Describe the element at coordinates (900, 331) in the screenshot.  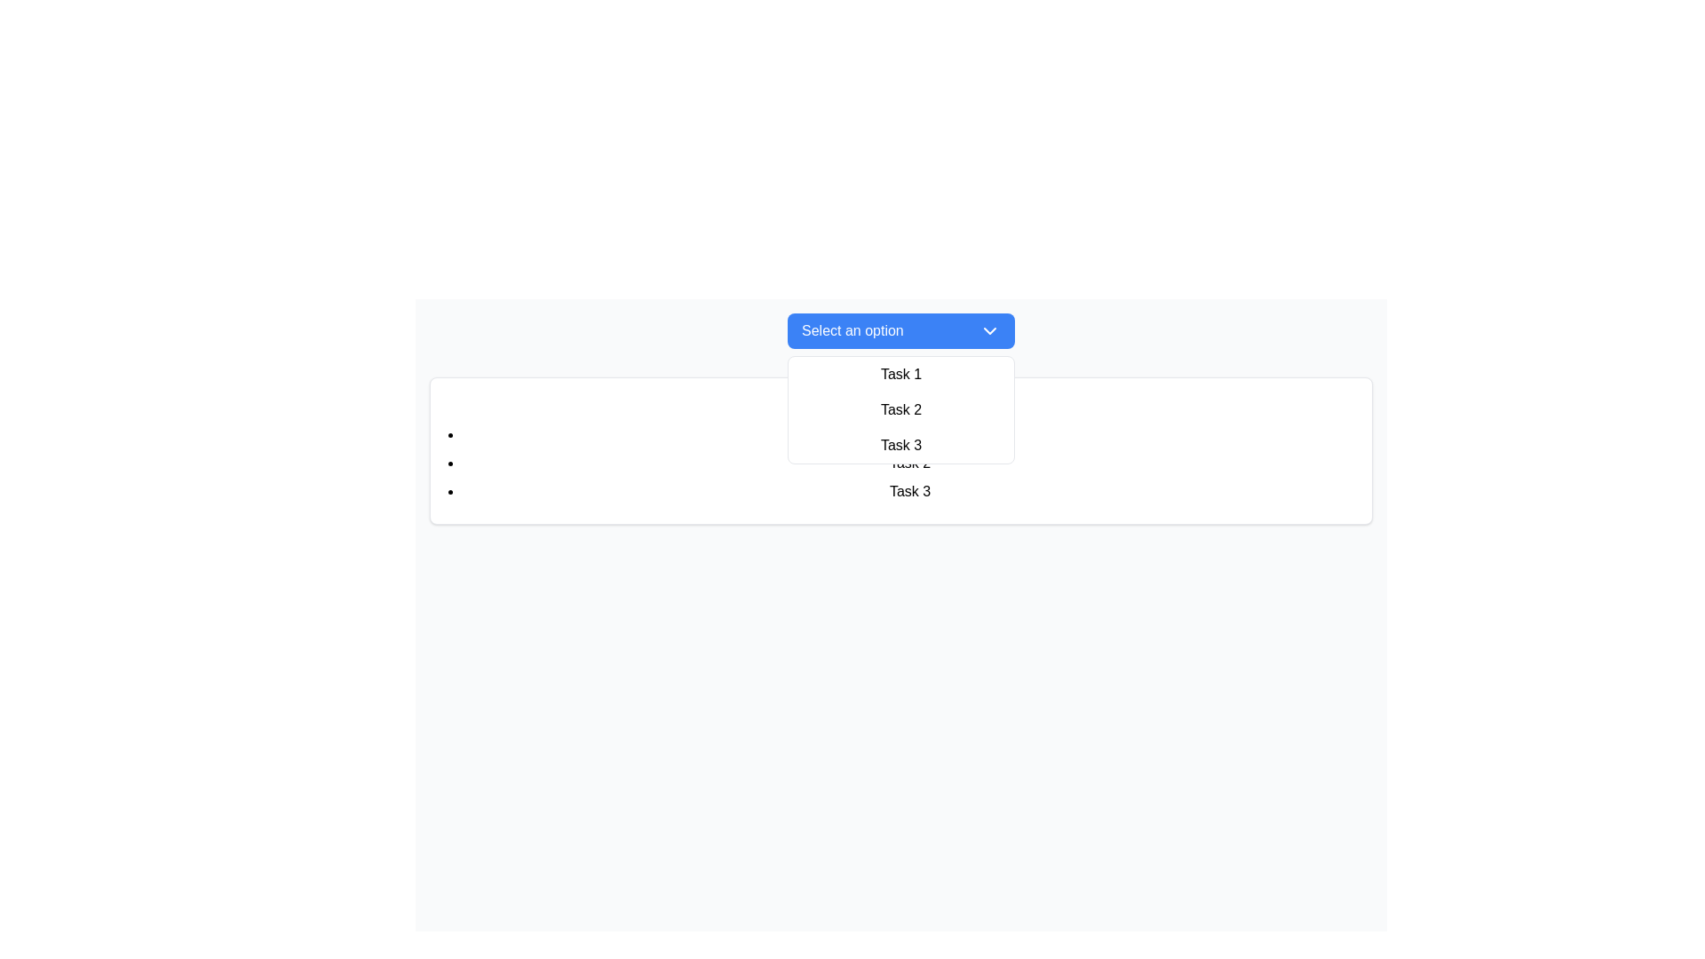
I see `the dropdown menu labeled 'Select an option' with a blue background` at that location.